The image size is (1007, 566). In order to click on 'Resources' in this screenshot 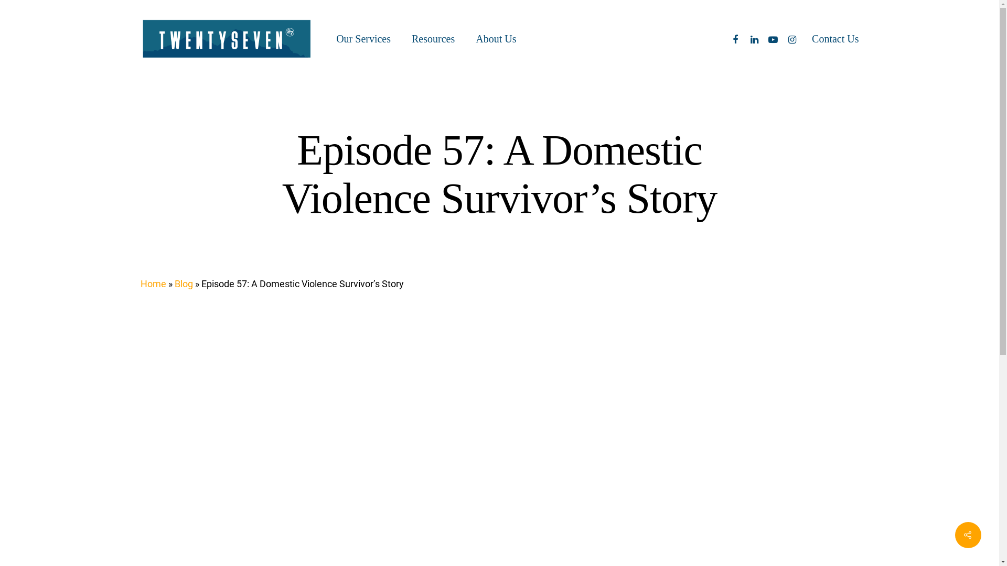, I will do `click(411, 38)`.